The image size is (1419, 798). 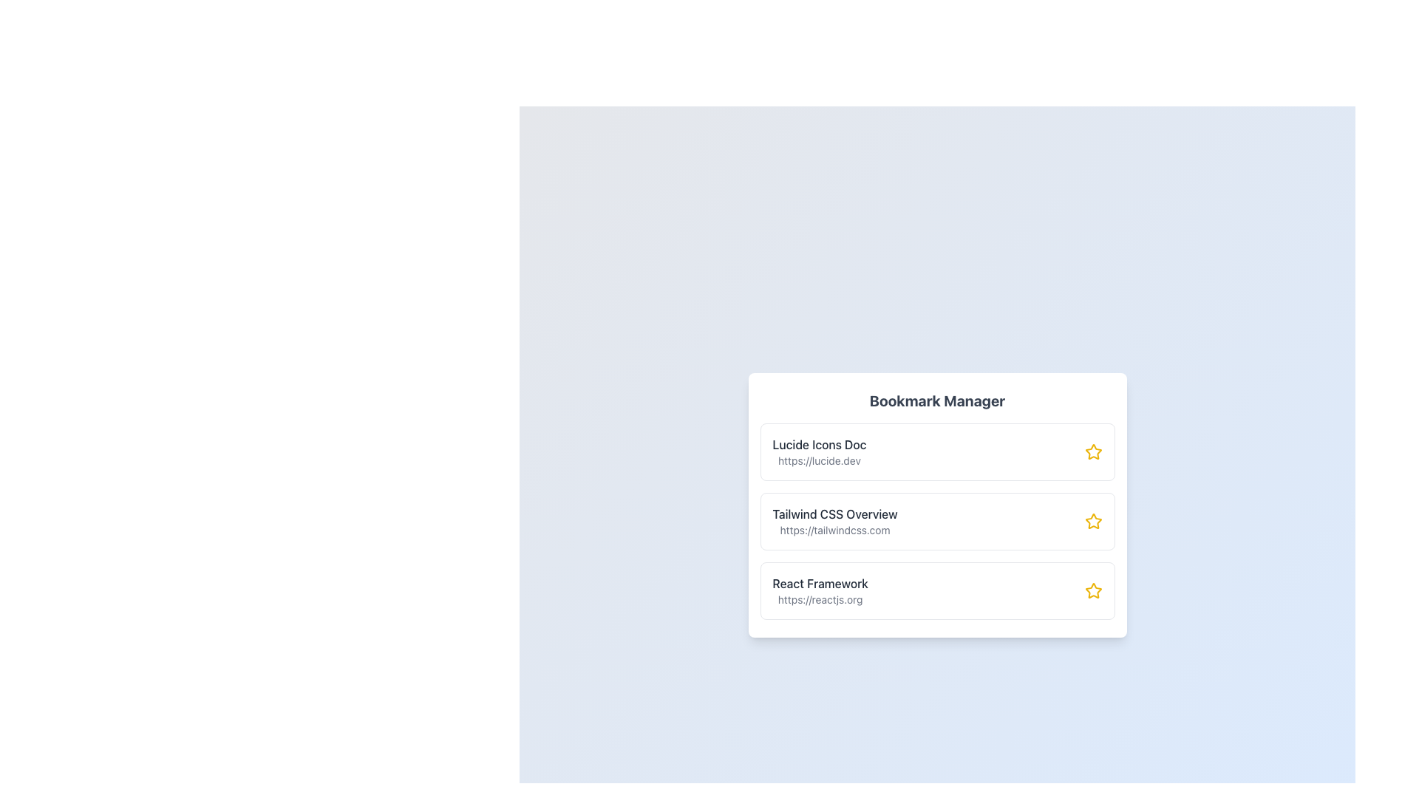 I want to click on the textual hyperlink displaying 'https://reactjs.org' located below the title 'React Framework' in the third section of the 'Bookmark Manager' interface, so click(x=820, y=600).